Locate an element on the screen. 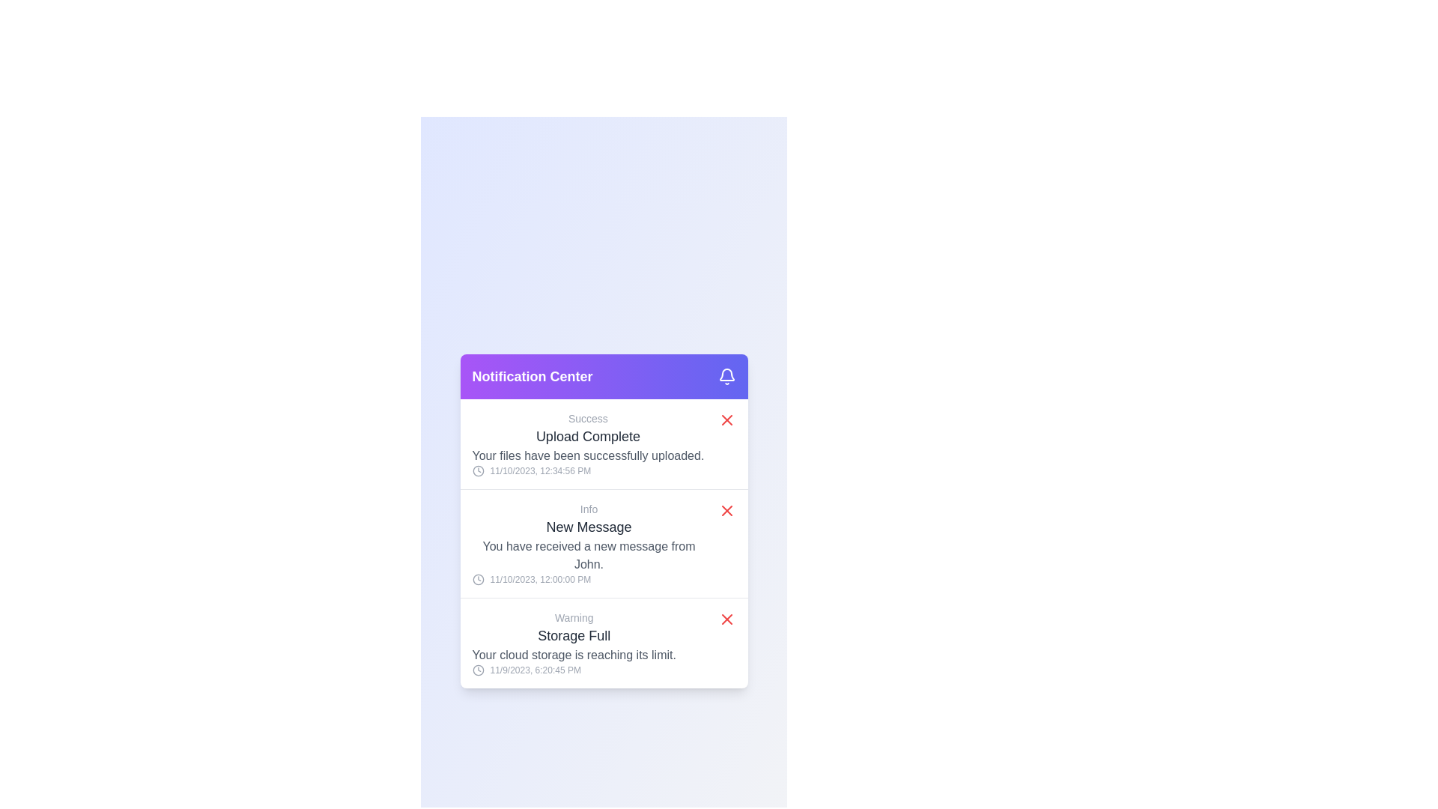 The width and height of the screenshot is (1438, 809). the dismissal icon ('X') located to the right of the 'New Message' notification in the notification center is located at coordinates (726, 510).